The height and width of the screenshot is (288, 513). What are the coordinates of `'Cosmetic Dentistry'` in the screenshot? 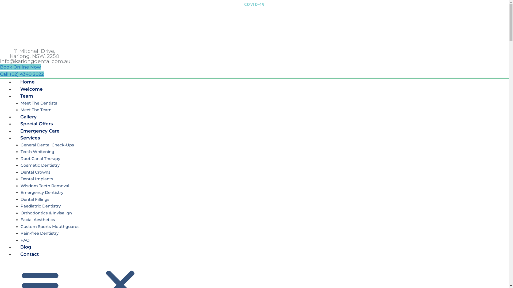 It's located at (39, 165).